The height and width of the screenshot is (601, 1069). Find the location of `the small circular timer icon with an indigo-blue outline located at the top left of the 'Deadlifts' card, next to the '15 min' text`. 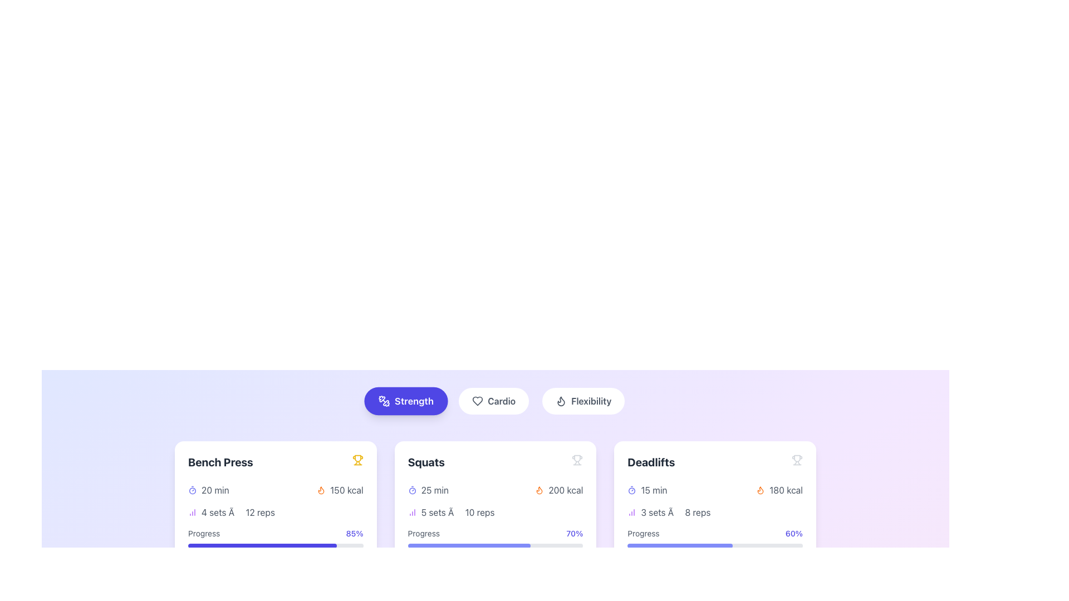

the small circular timer icon with an indigo-blue outline located at the top left of the 'Deadlifts' card, next to the '15 min' text is located at coordinates (632, 489).